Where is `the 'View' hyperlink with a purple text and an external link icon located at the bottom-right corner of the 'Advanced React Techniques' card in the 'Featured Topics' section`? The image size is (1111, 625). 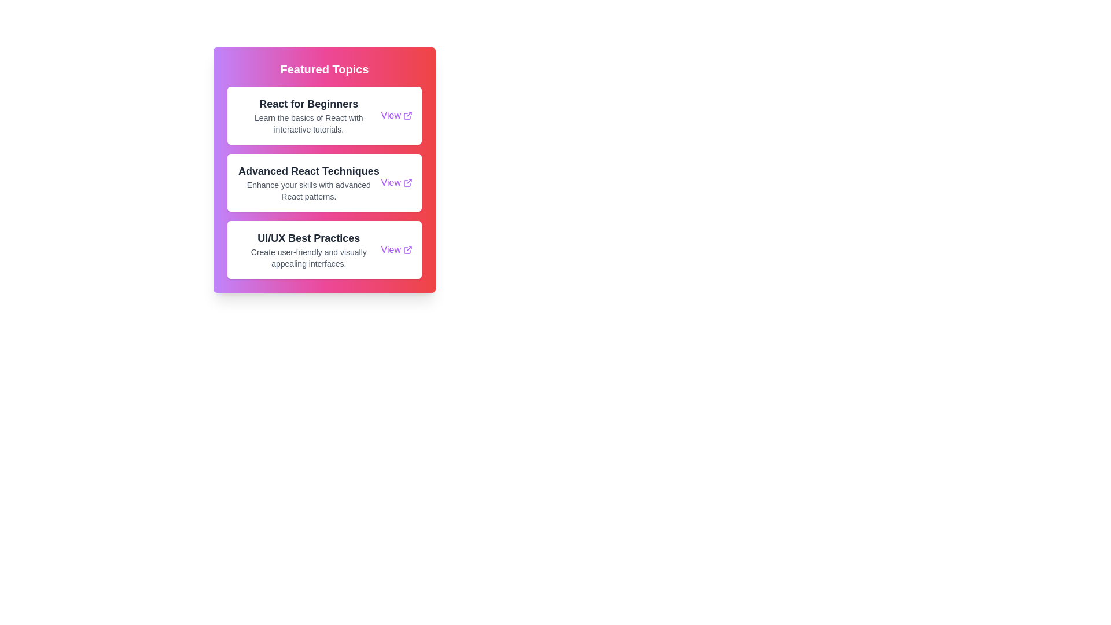
the 'View' hyperlink with a purple text and an external link icon located at the bottom-right corner of the 'Advanced React Techniques' card in the 'Featured Topics' section is located at coordinates (396, 182).